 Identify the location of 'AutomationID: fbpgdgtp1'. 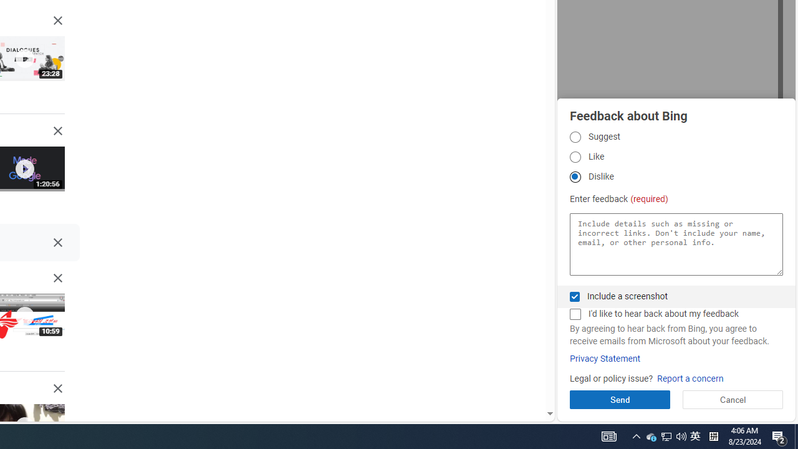
(574, 137).